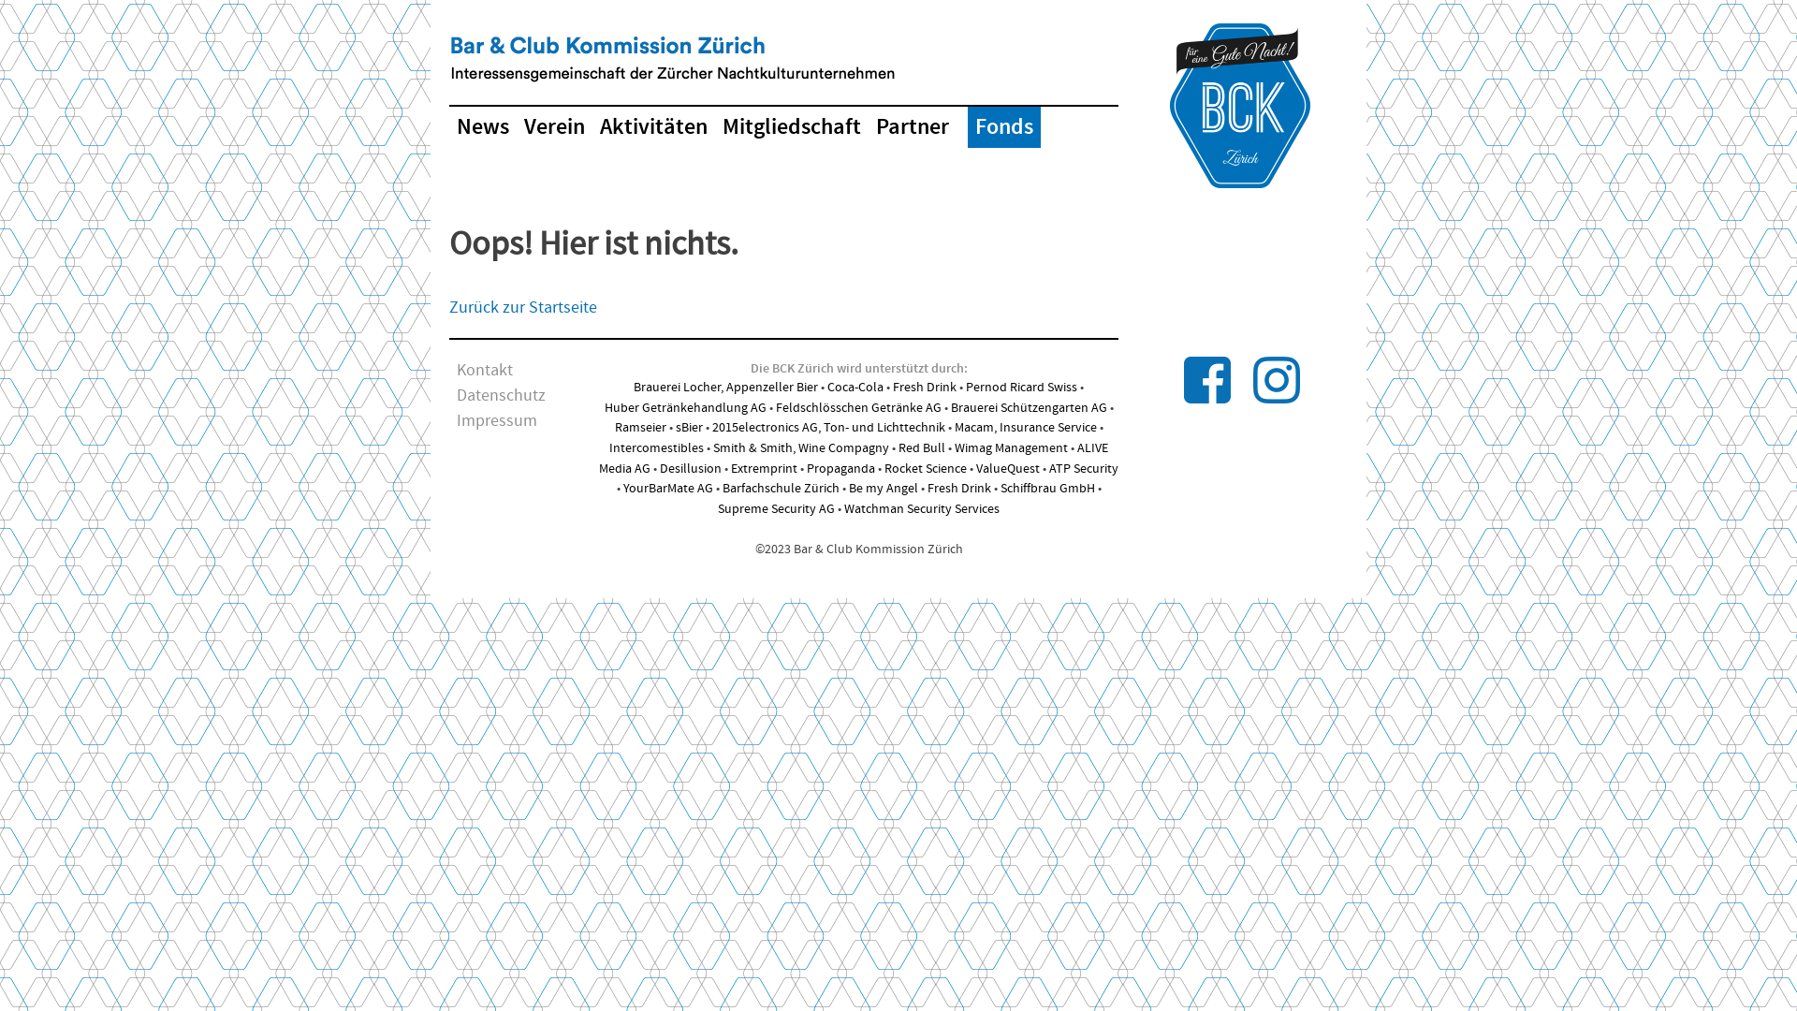  What do you see at coordinates (764, 468) in the screenshot?
I see `'Extremprint'` at bounding box center [764, 468].